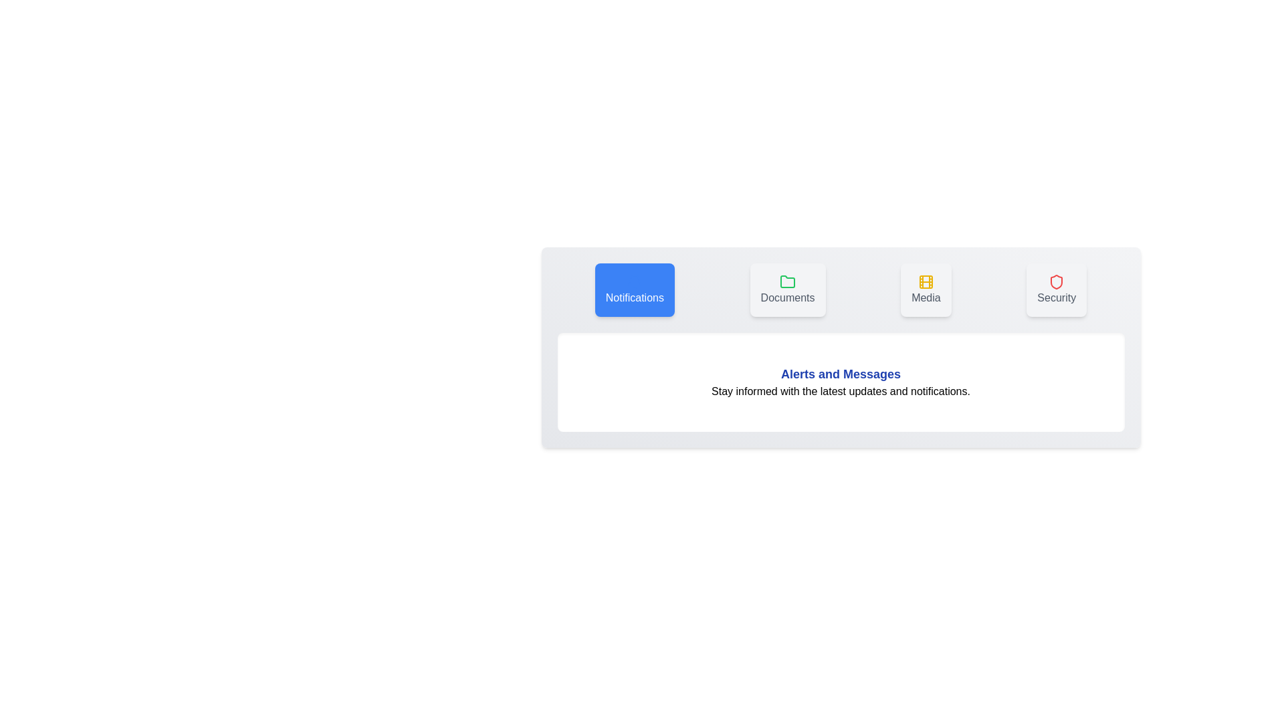  What do you see at coordinates (634, 289) in the screenshot?
I see `the tab labeled Notifications to view its content` at bounding box center [634, 289].